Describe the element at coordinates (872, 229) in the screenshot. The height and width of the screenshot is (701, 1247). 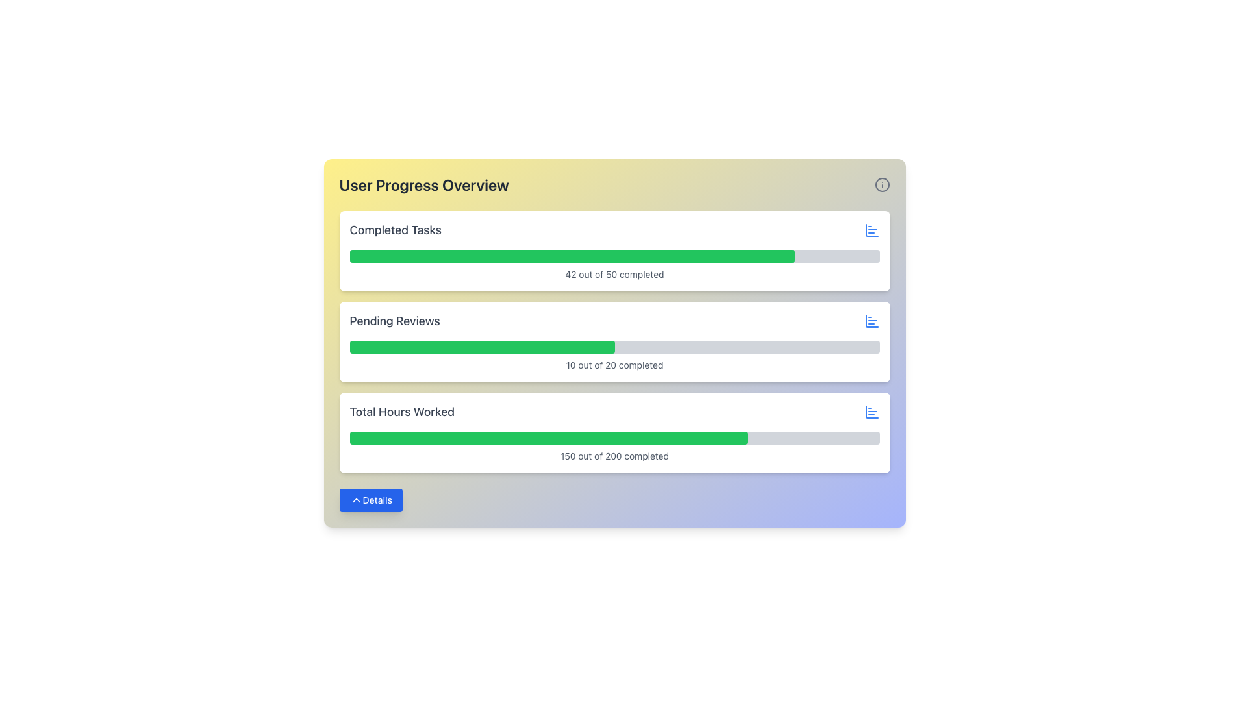
I see `the icon located in the 'Completed Tasks' section, positioned at the far right of the header area, next to the textual description` at that location.